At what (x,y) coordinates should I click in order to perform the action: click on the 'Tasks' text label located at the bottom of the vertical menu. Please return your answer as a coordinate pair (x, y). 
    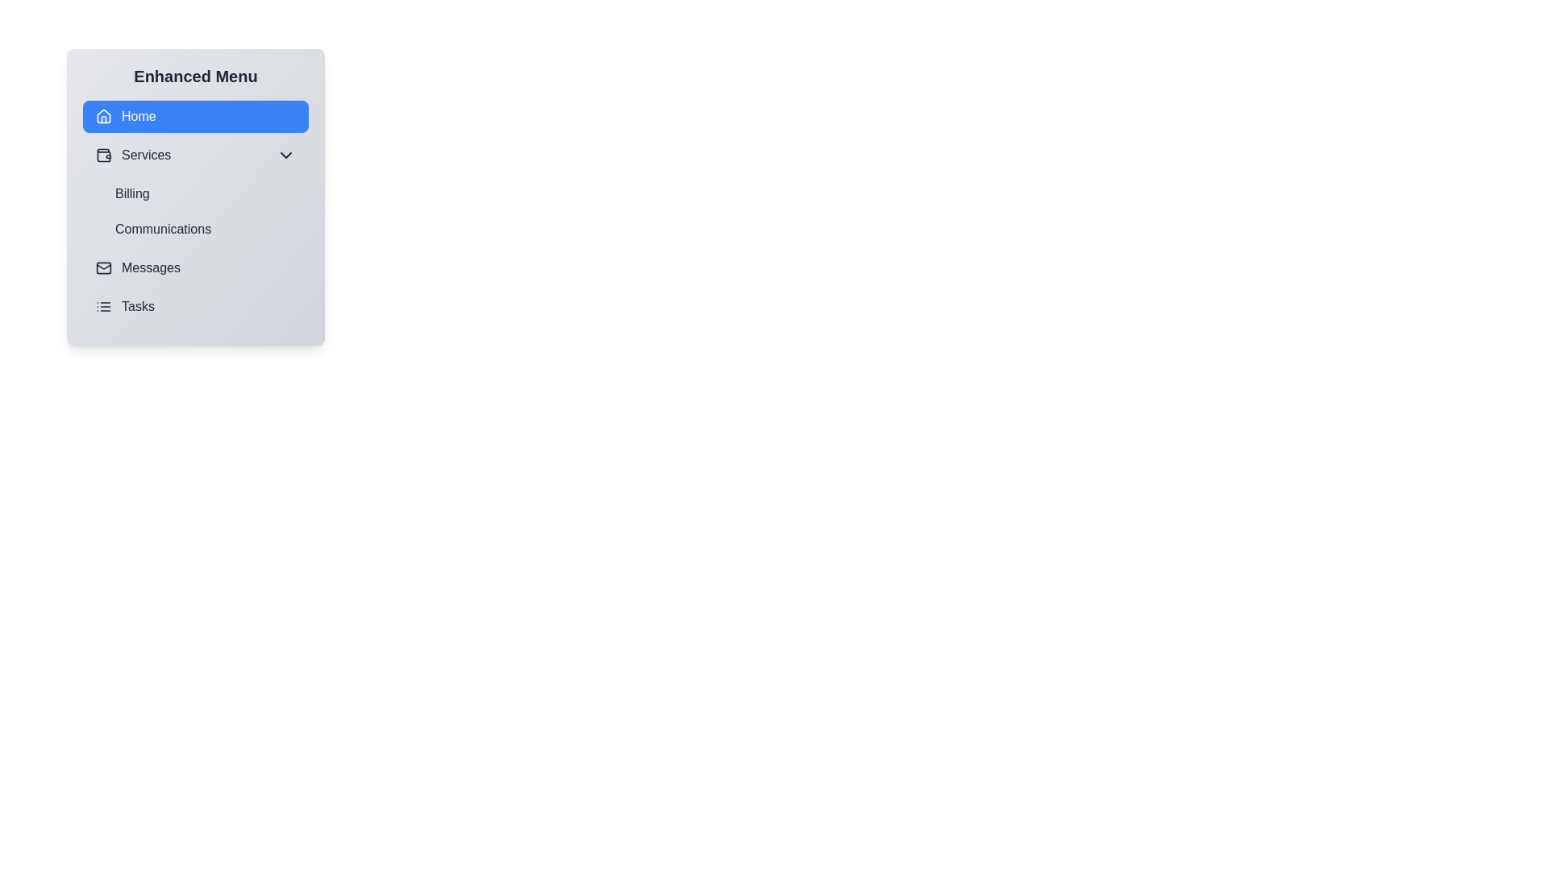
    Looking at the image, I should click on (138, 307).